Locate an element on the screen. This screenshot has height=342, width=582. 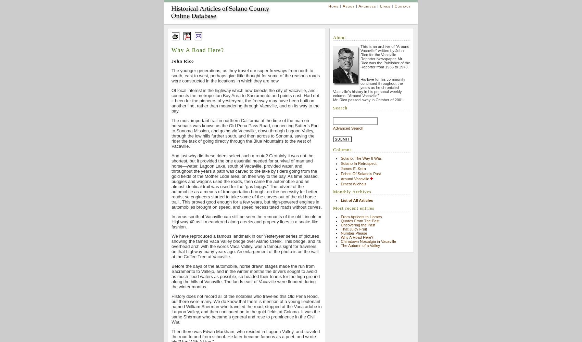
'Home' is located at coordinates (333, 6).